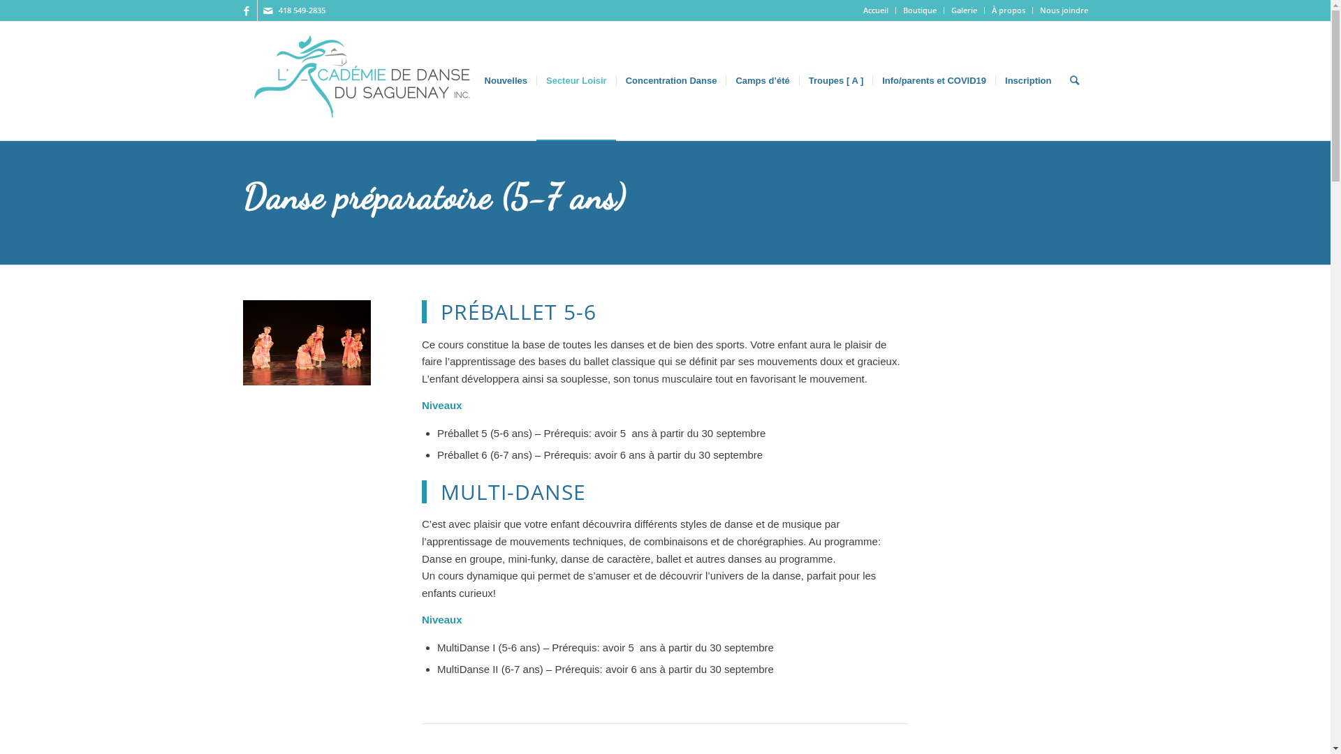  I want to click on 'Secteur Loisir', so click(576, 80).